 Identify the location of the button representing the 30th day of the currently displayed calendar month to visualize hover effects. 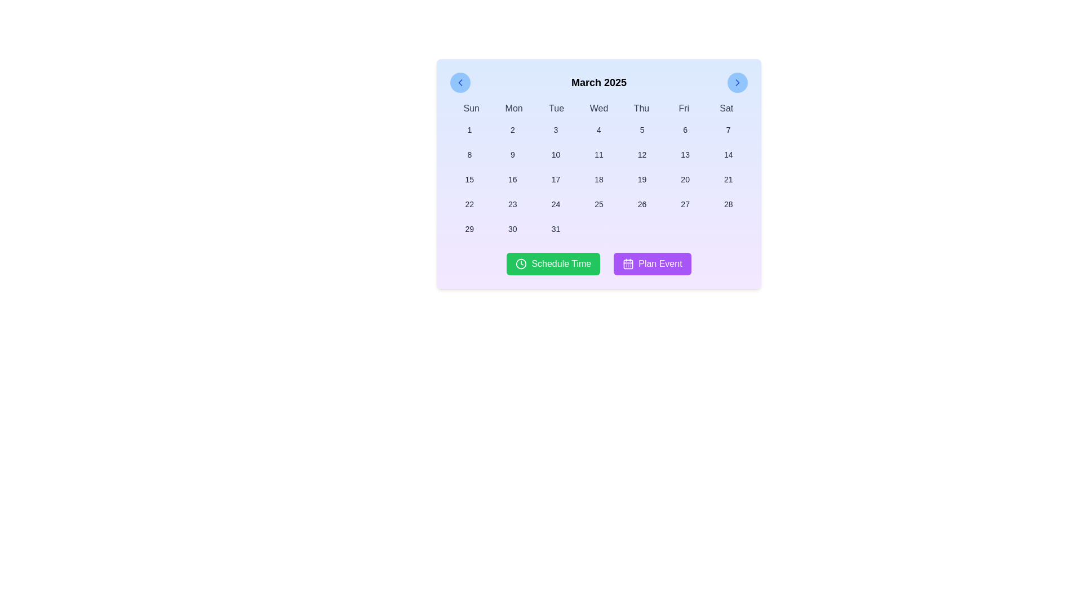
(512, 229).